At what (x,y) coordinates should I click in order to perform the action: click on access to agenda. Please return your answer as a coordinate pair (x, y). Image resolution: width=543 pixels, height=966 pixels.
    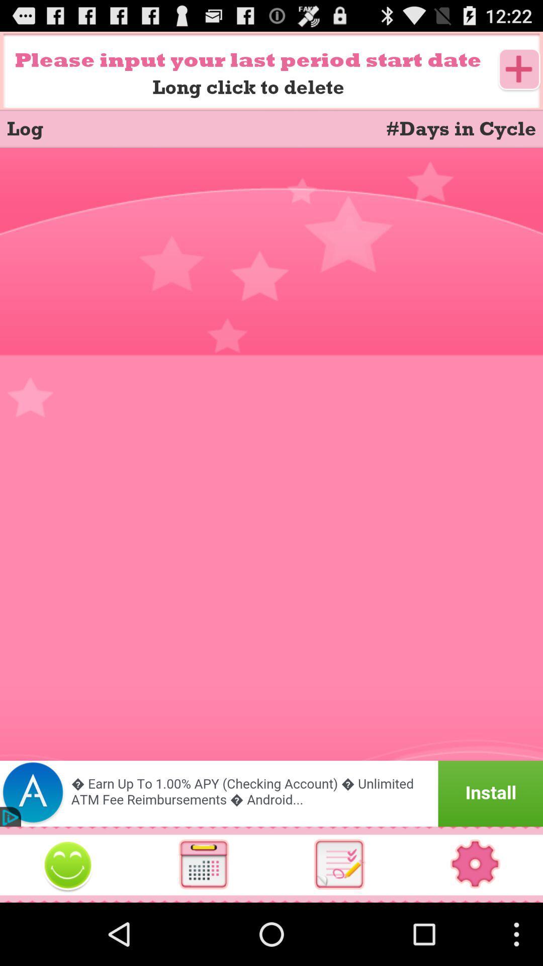
    Looking at the image, I should click on (339, 864).